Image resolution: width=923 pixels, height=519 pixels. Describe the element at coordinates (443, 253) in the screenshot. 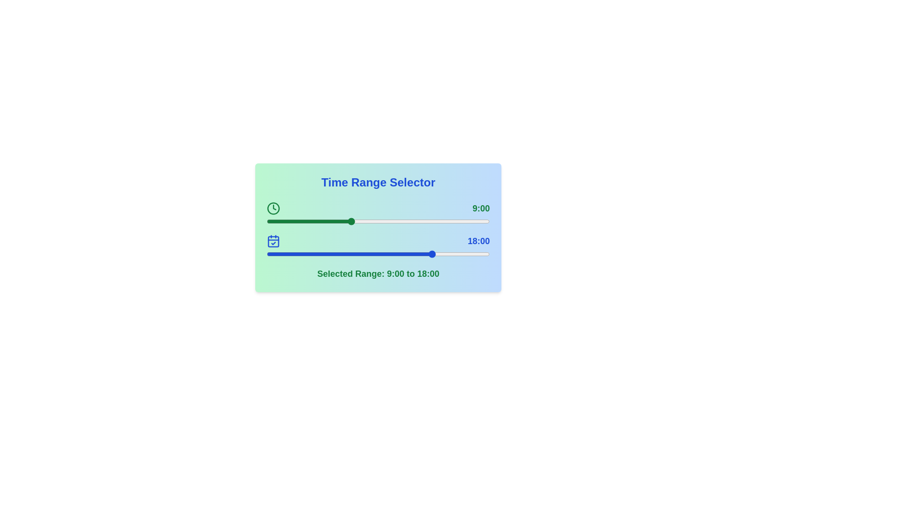

I see `the time` at that location.